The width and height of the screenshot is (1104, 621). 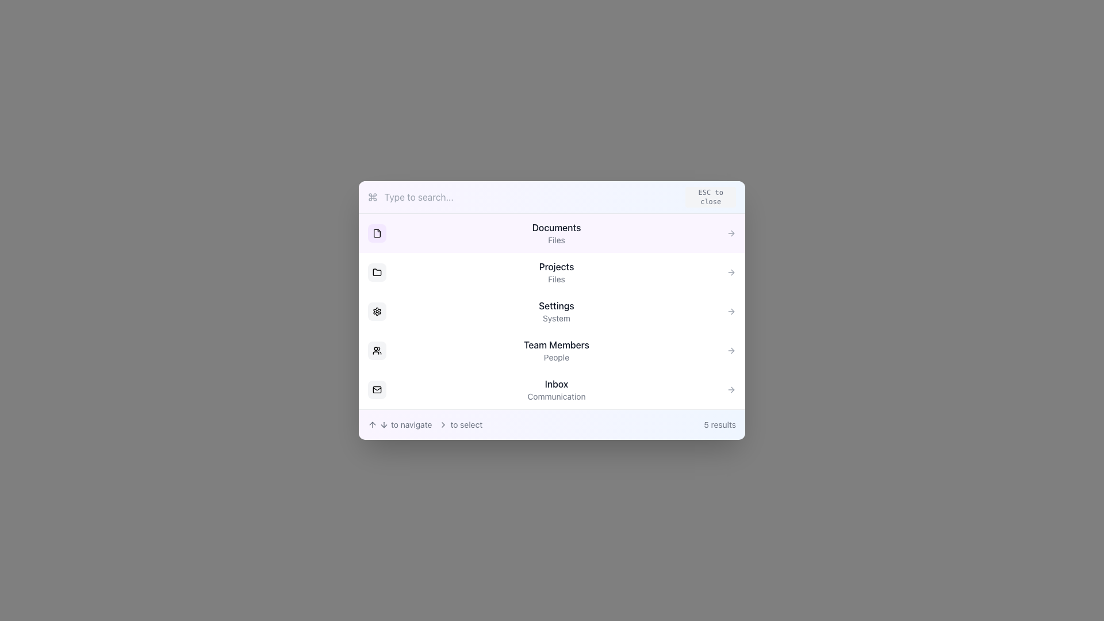 What do you see at coordinates (731, 312) in the screenshot?
I see `the button that serves as a visual indicator for the 'Settings, System' label` at bounding box center [731, 312].